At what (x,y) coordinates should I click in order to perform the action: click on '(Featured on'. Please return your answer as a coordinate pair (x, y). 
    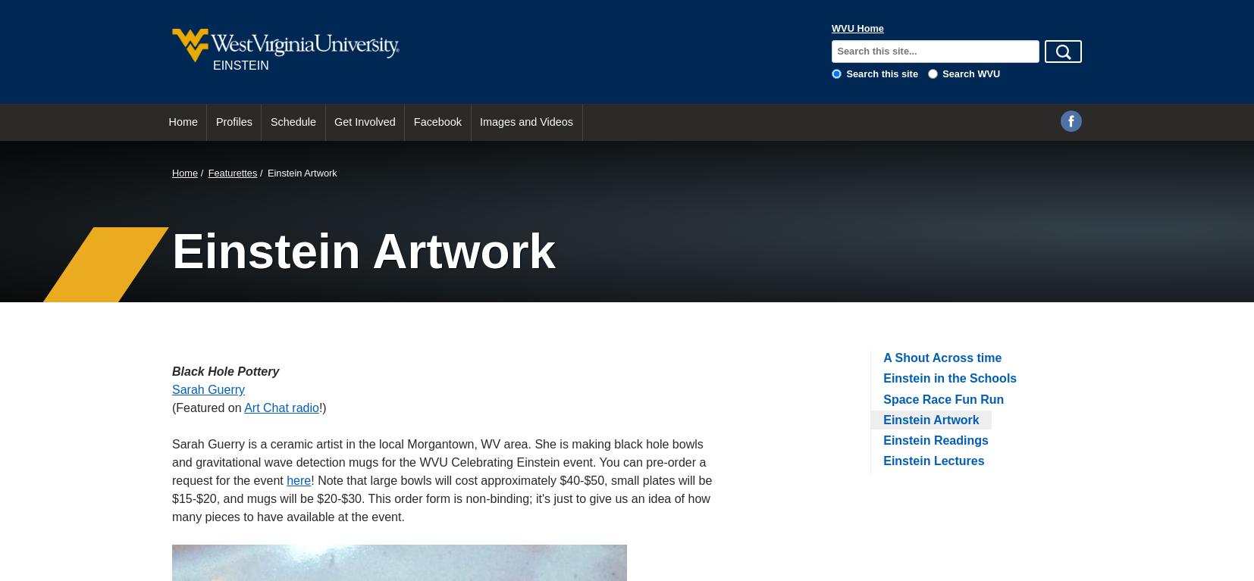
    Looking at the image, I should click on (207, 408).